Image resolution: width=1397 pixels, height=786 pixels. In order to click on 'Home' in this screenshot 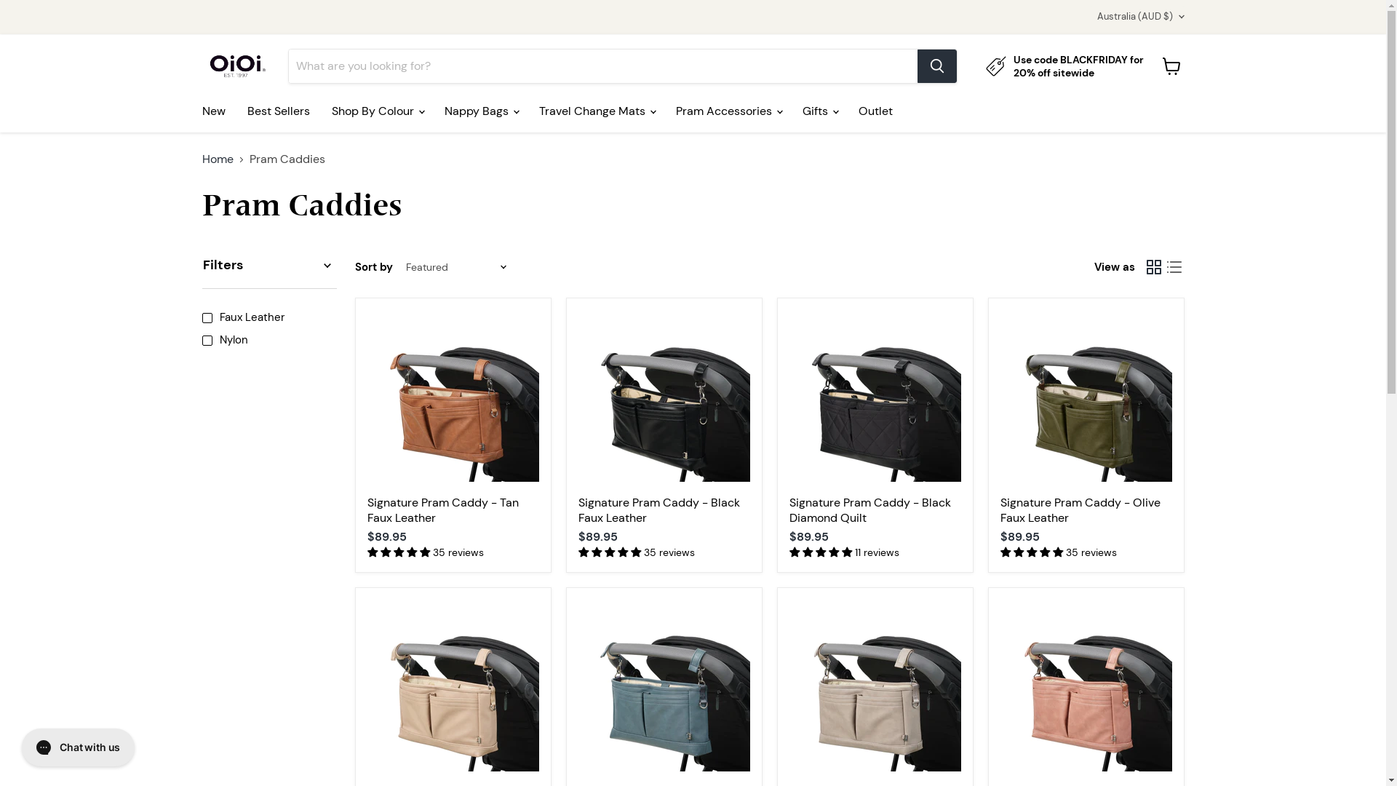, I will do `click(217, 159)`.